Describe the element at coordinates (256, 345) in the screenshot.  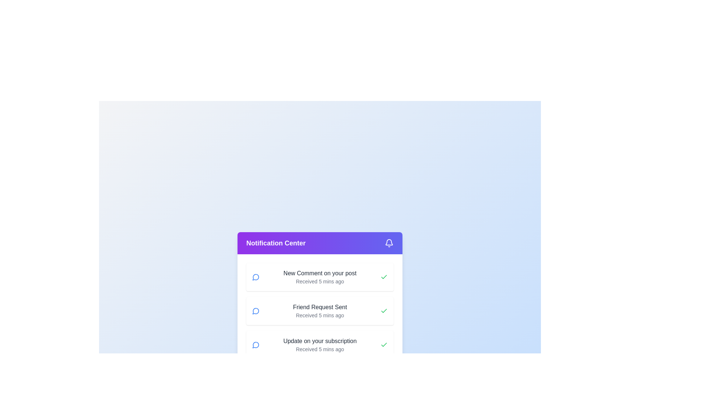
I see `the message or chat icon located inside the third notification item in the notification center` at that location.